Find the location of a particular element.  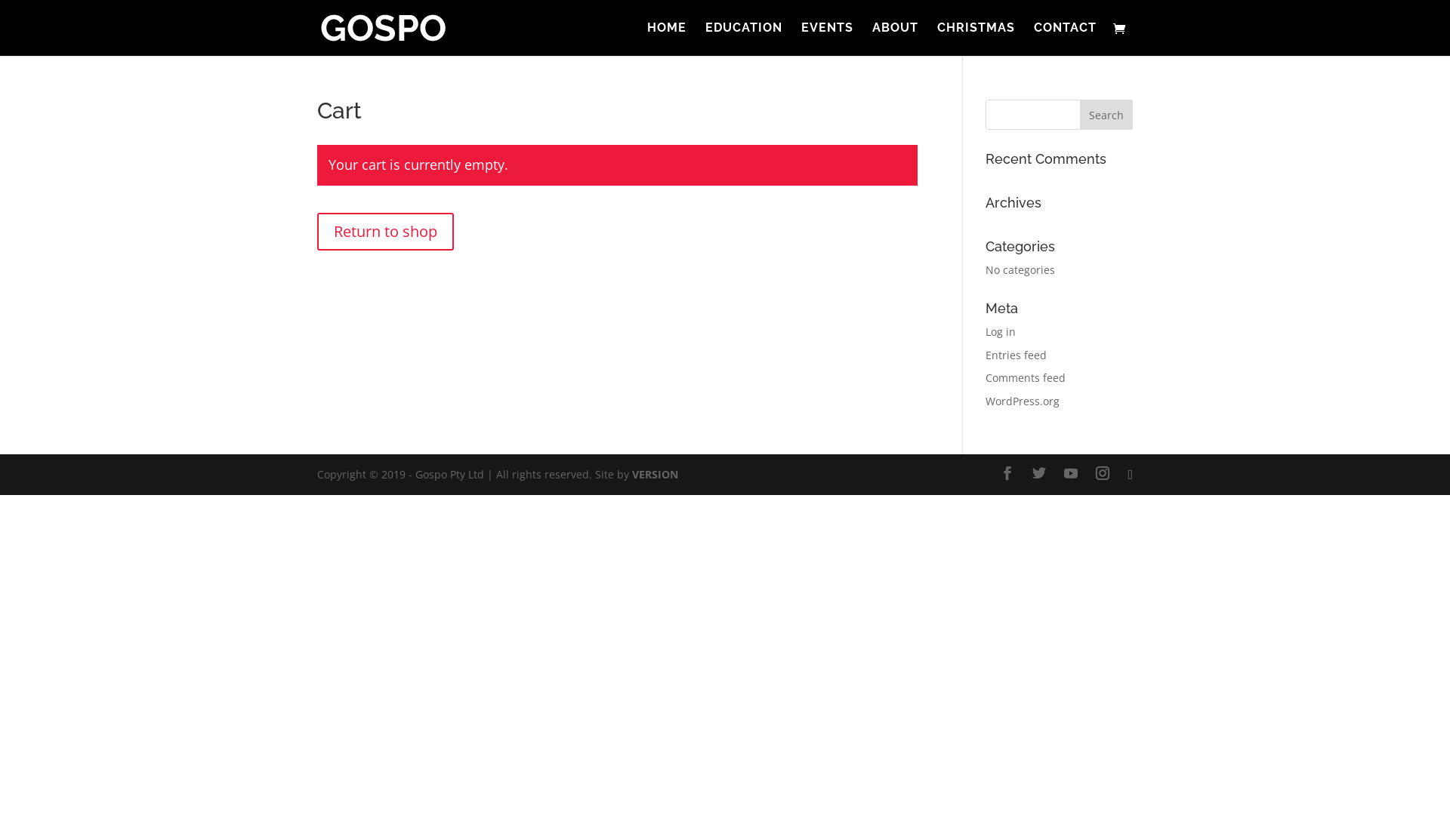

'Search' is located at coordinates (1106, 113).